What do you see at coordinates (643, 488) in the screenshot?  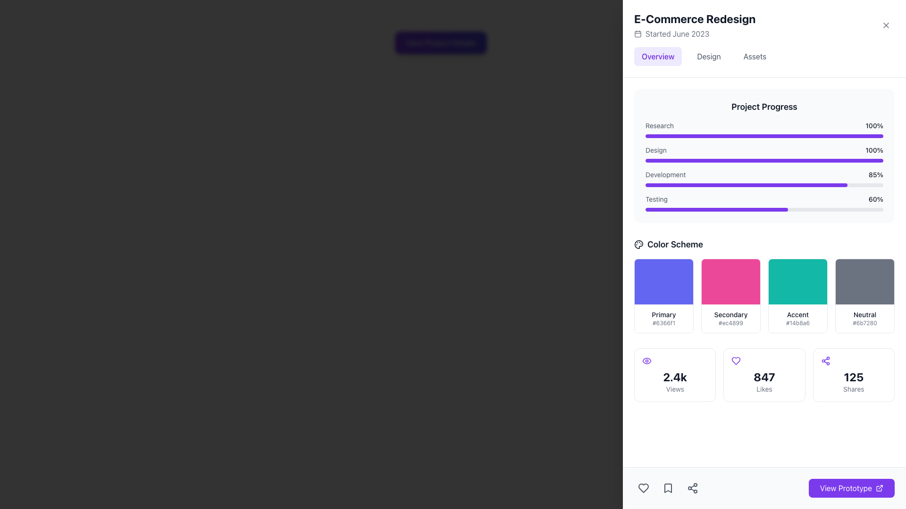 I see `the heart-shaped icon in the bottom navigation bar` at bounding box center [643, 488].